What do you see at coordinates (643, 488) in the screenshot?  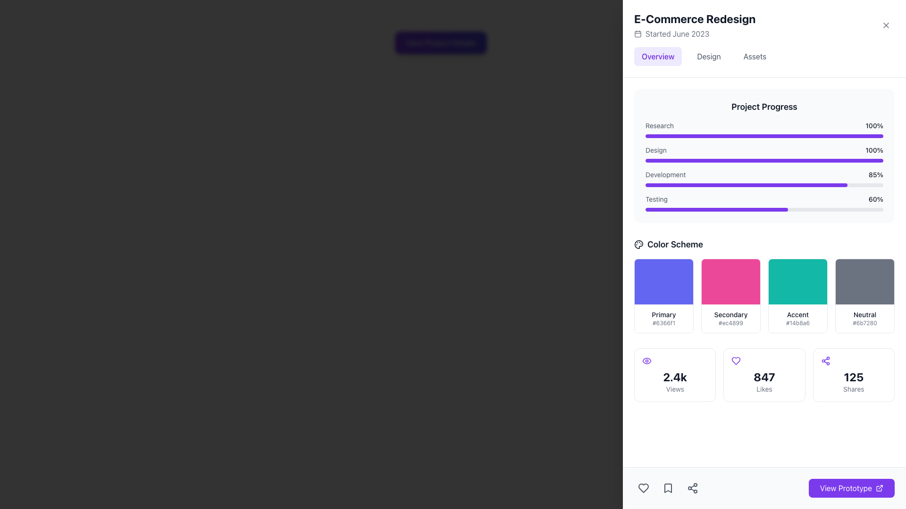 I see `the heart-shaped icon in the bottom navigation bar` at bounding box center [643, 488].